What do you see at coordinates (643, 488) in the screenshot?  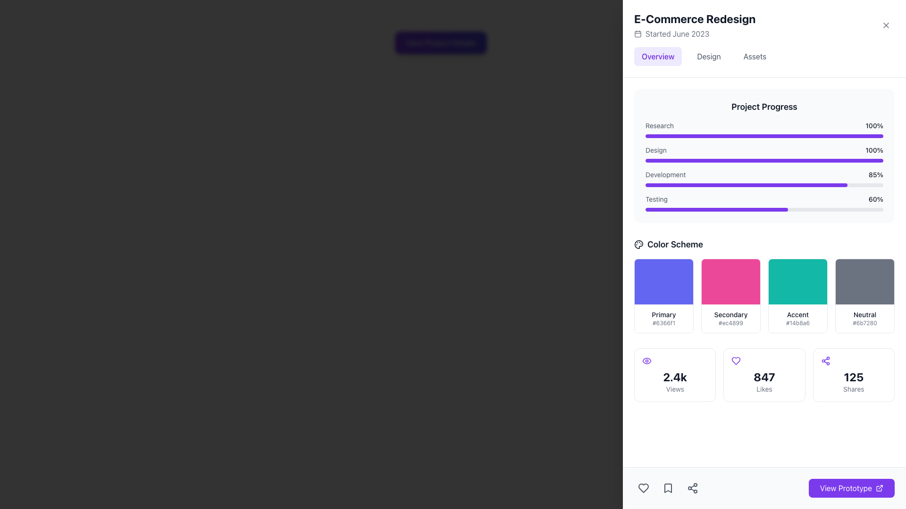 I see `the heart-shaped icon in the bottom navigation bar` at bounding box center [643, 488].